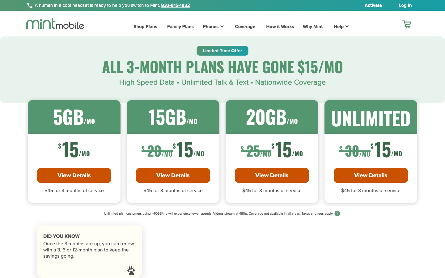  Describe the element at coordinates (271, 175) in the screenshot. I see `Get more information on 20GB Plan` at that location.